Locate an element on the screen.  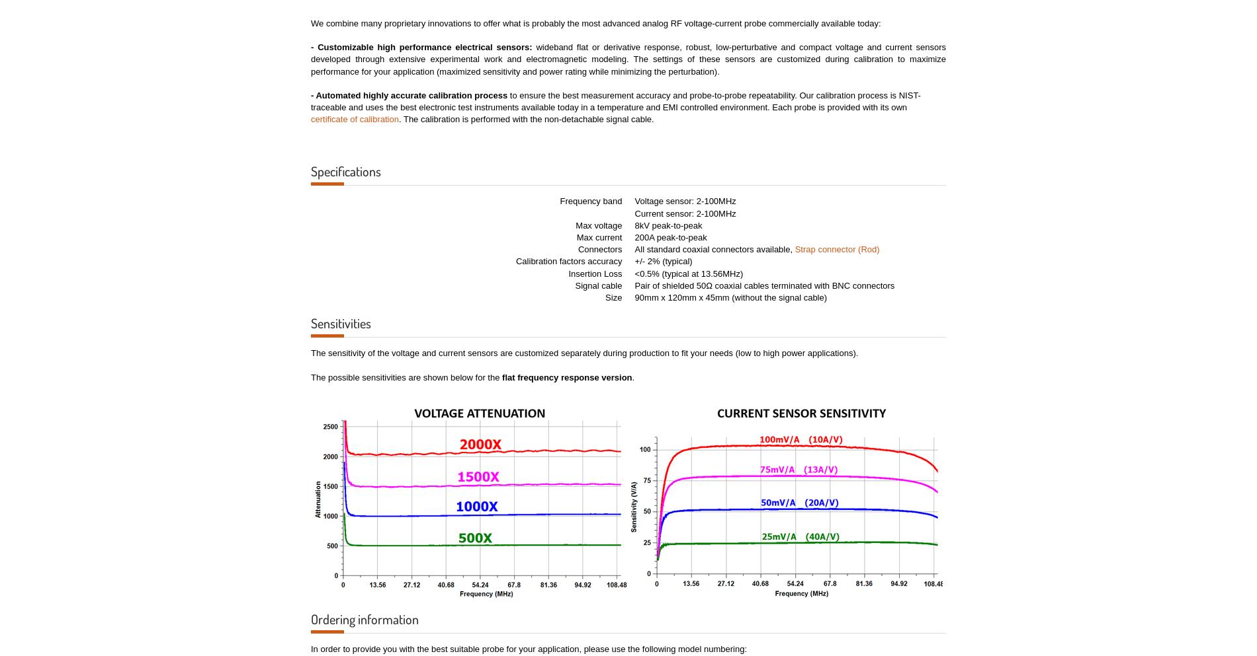
'Insertion Loss' is located at coordinates (594, 272).